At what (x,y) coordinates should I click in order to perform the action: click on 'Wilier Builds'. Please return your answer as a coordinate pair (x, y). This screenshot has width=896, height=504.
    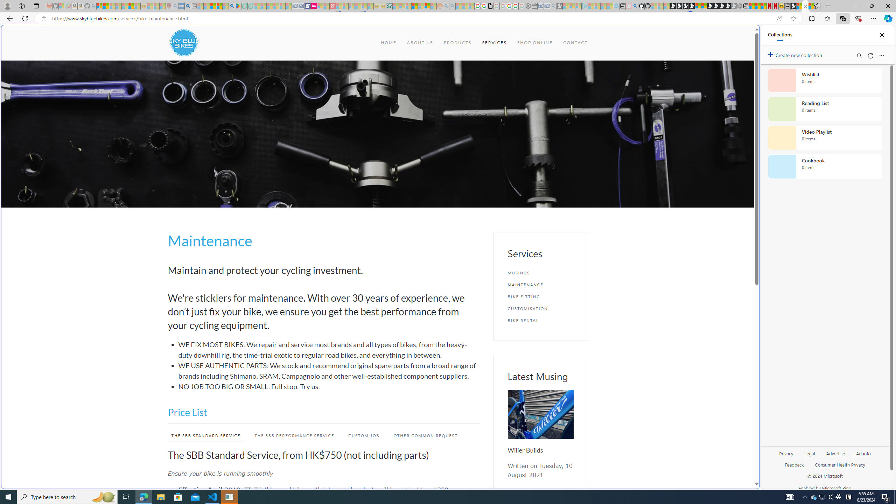
    Looking at the image, I should click on (540, 414).